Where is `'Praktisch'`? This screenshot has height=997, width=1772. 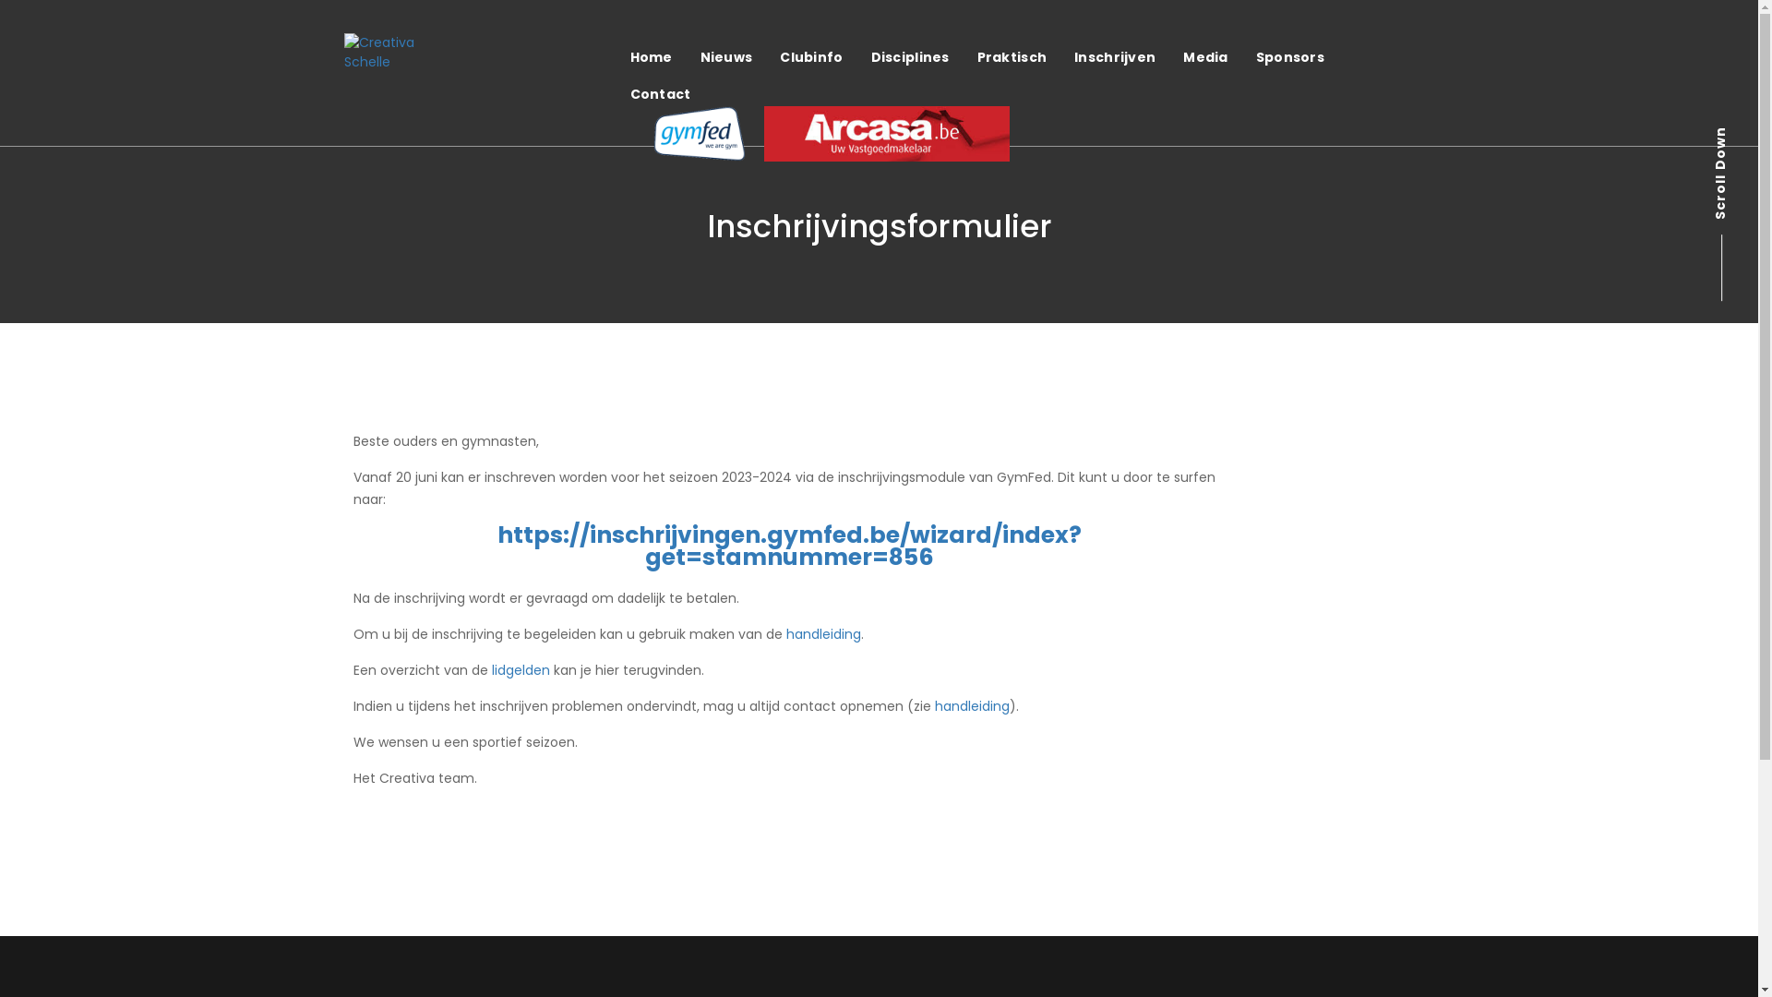 'Praktisch' is located at coordinates (1012, 55).